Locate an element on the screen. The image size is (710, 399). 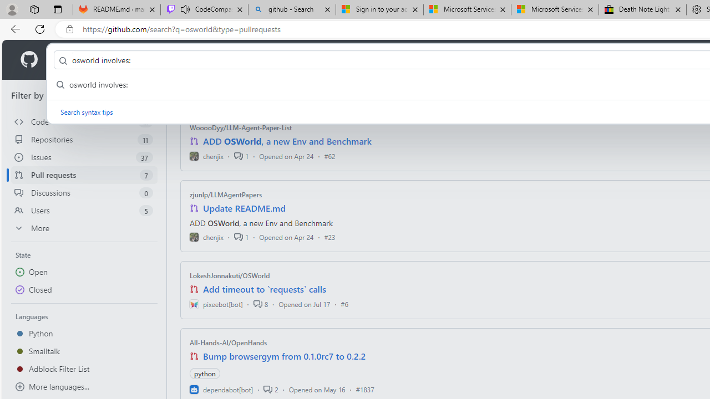
'#6' is located at coordinates (344, 304).